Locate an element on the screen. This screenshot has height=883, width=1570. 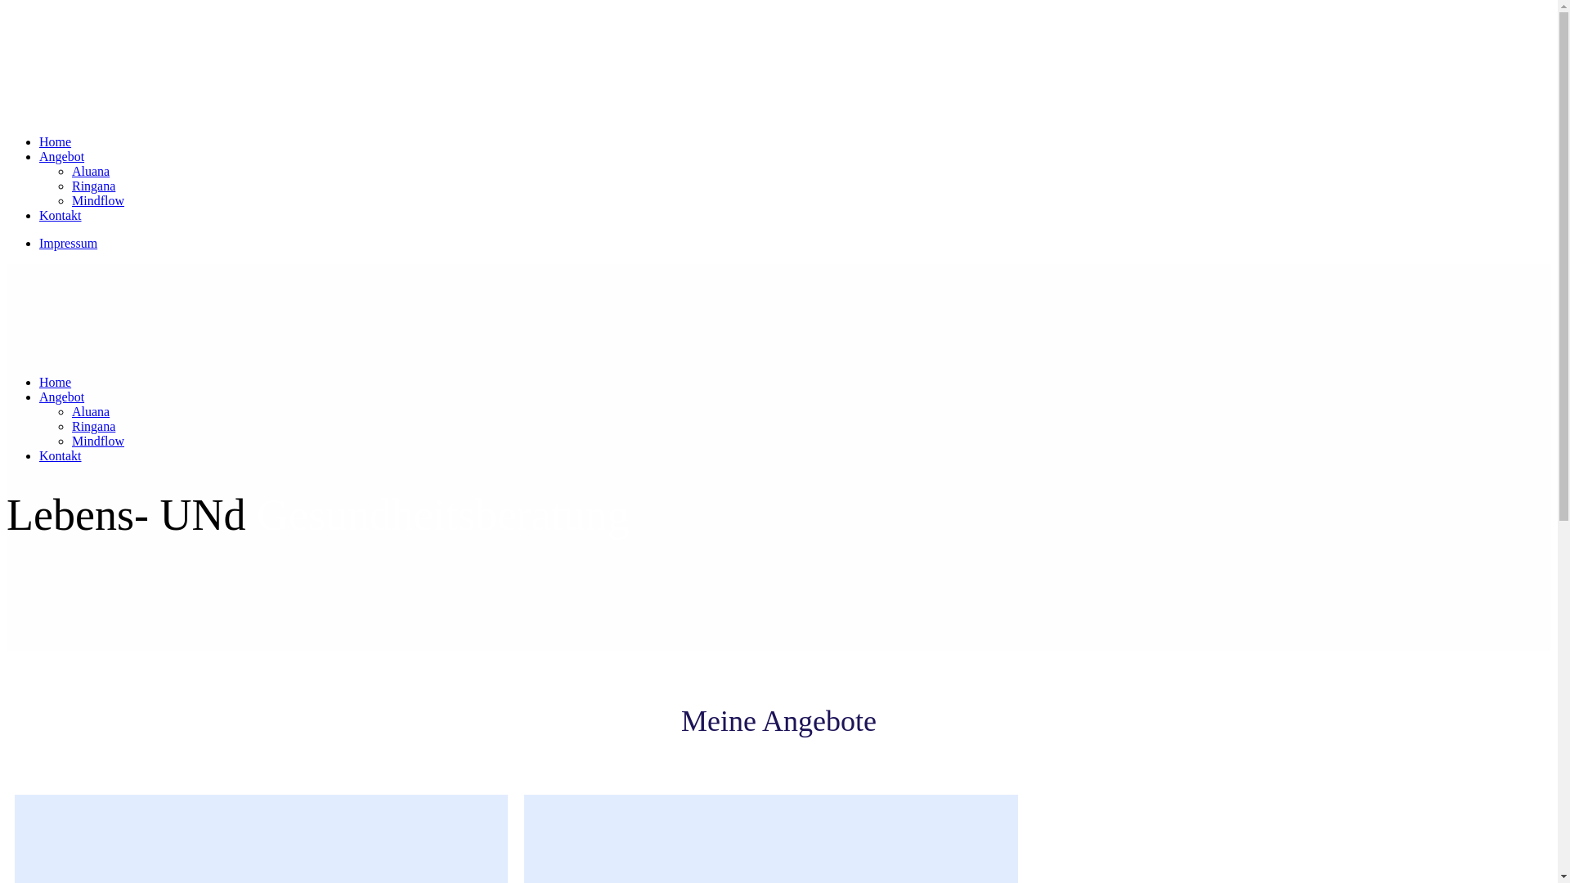
'Kontakt' is located at coordinates (60, 455).